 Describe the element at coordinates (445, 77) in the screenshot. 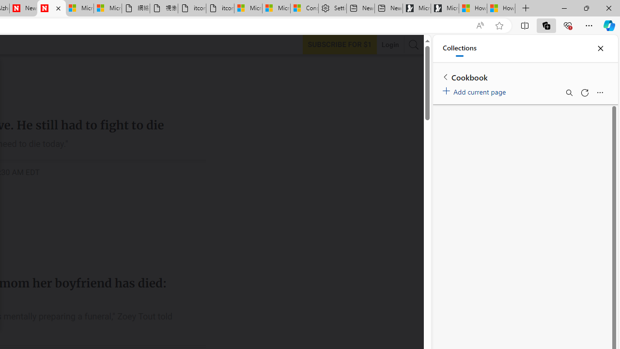

I see `'Back to list of collections'` at that location.